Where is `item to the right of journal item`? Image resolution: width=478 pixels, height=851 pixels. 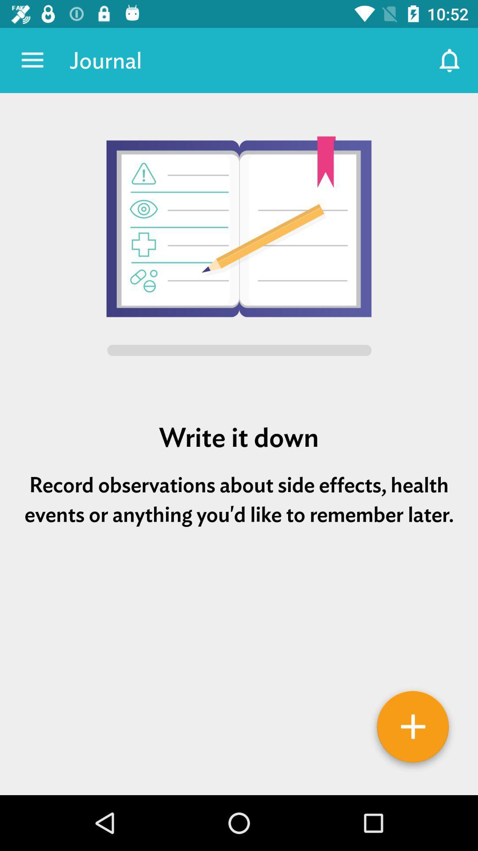
item to the right of journal item is located at coordinates (450, 60).